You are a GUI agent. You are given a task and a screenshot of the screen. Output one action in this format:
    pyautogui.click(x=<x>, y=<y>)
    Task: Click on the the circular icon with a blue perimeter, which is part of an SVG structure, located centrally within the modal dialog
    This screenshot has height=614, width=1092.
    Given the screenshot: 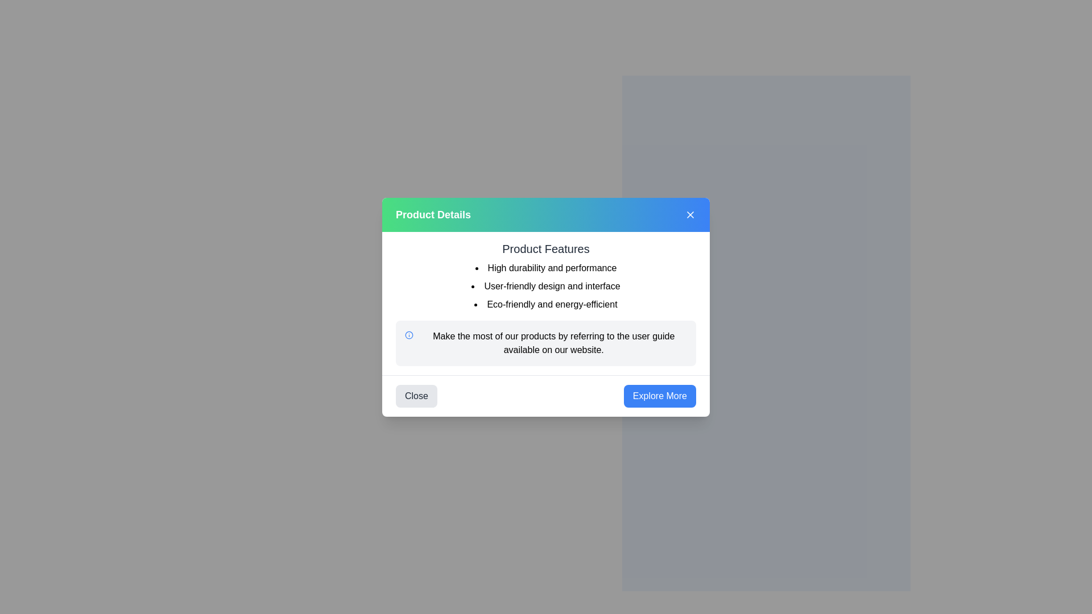 What is the action you would take?
    pyautogui.click(x=409, y=334)
    